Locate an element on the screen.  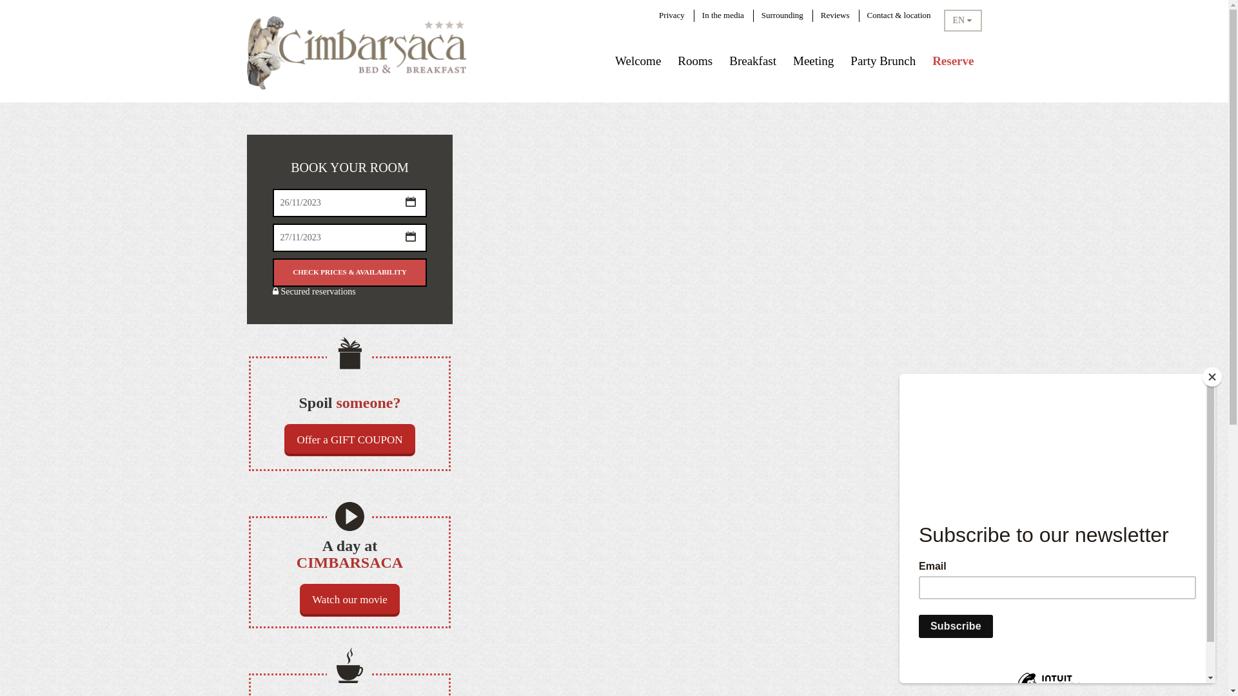
'Meeting' is located at coordinates (812, 61).